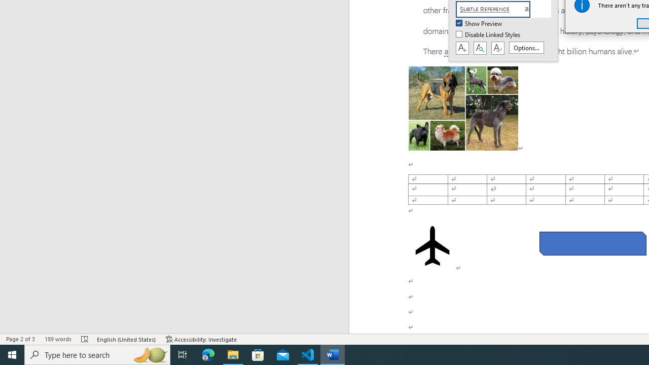 Image resolution: width=649 pixels, height=365 pixels. Describe the element at coordinates (85, 339) in the screenshot. I see `'Spelling and Grammar Check Errors'` at that location.